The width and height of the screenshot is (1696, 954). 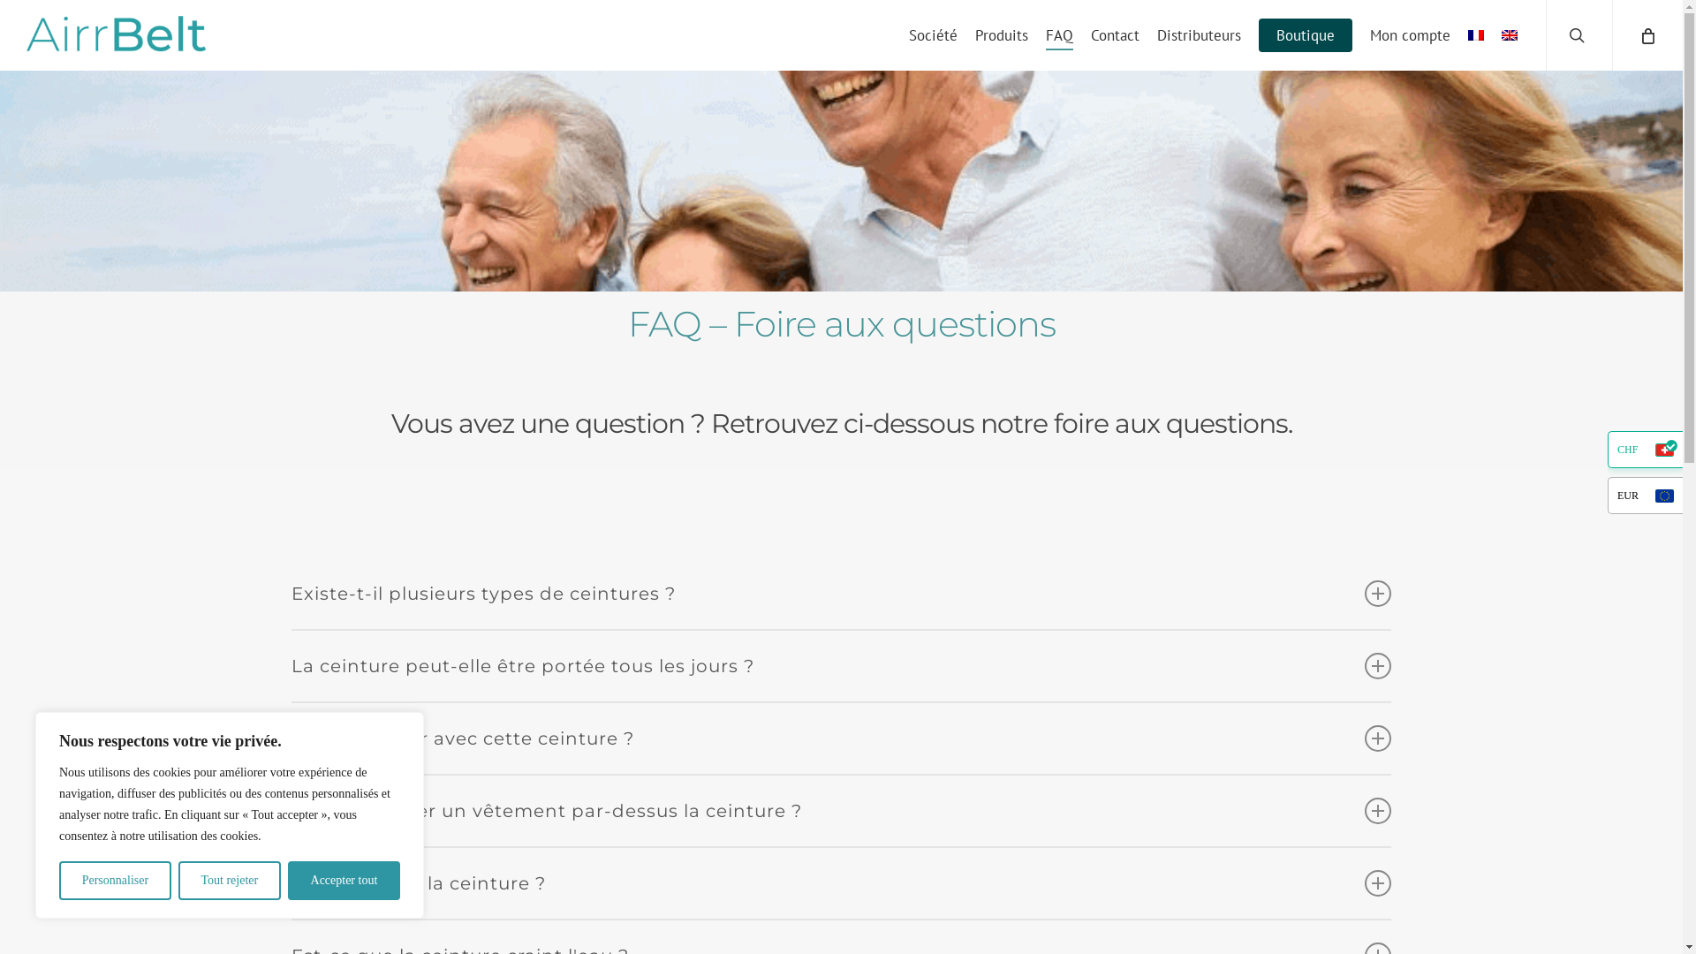 I want to click on 'EUR', so click(x=1644, y=495).